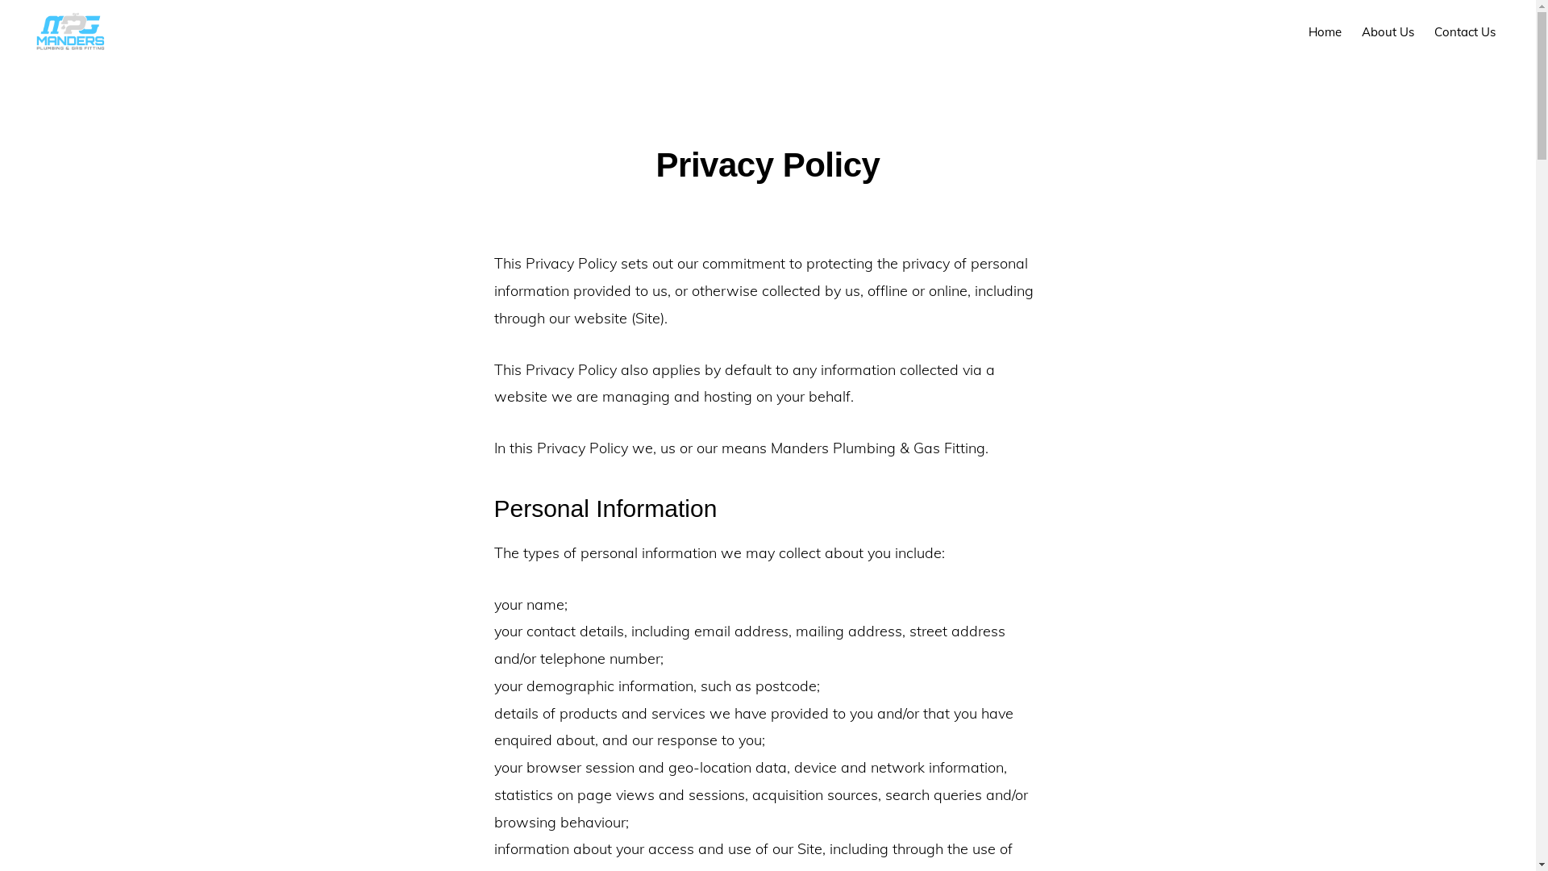 This screenshot has height=871, width=1548. What do you see at coordinates (1325, 31) in the screenshot?
I see `'Home'` at bounding box center [1325, 31].